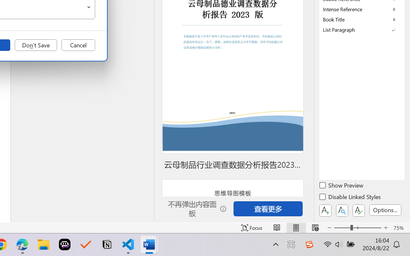  What do you see at coordinates (342, 228) in the screenshot?
I see `'Zoom Out'` at bounding box center [342, 228].